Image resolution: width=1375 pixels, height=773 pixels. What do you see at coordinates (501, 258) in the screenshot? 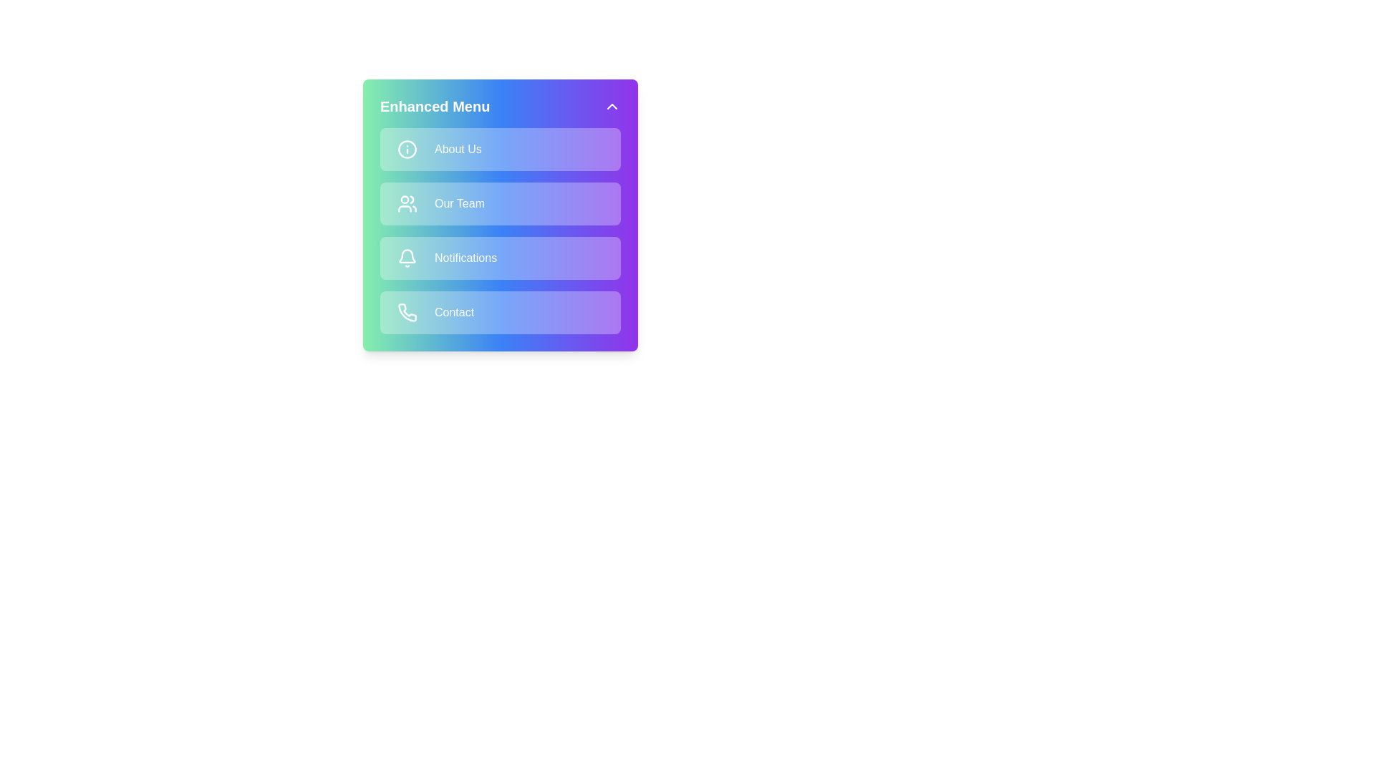
I see `the menu item labeled Notifications to observe its hover effect` at bounding box center [501, 258].